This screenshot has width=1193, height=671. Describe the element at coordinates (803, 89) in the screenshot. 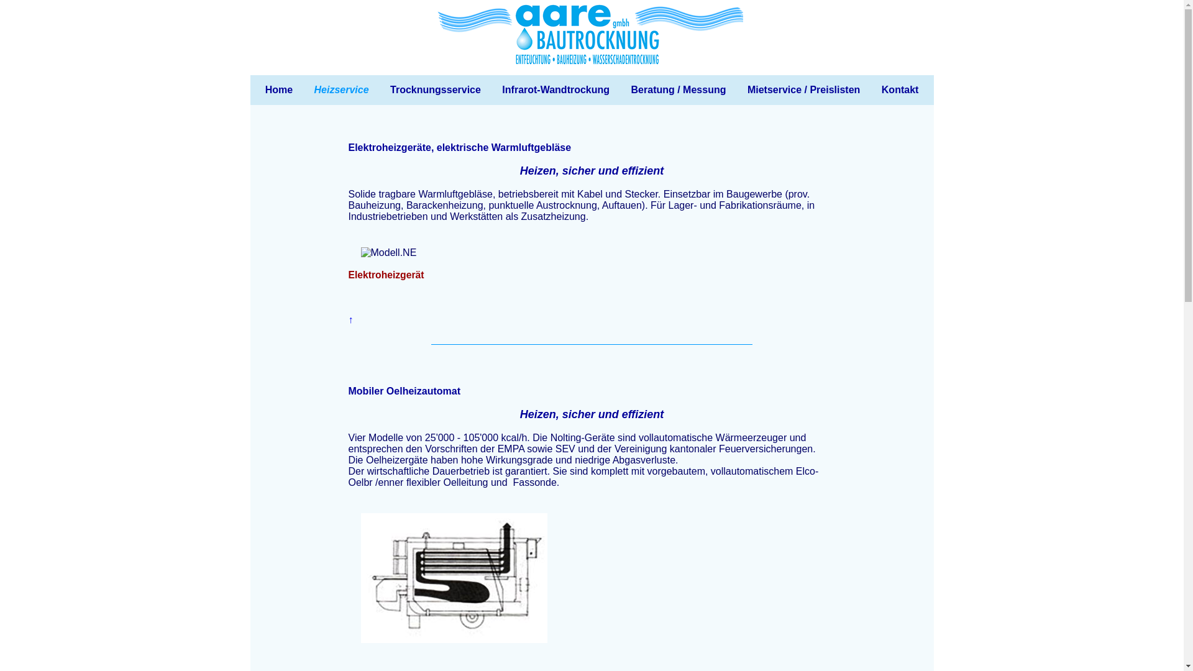

I see `'Mietservice / Preislisten'` at that location.